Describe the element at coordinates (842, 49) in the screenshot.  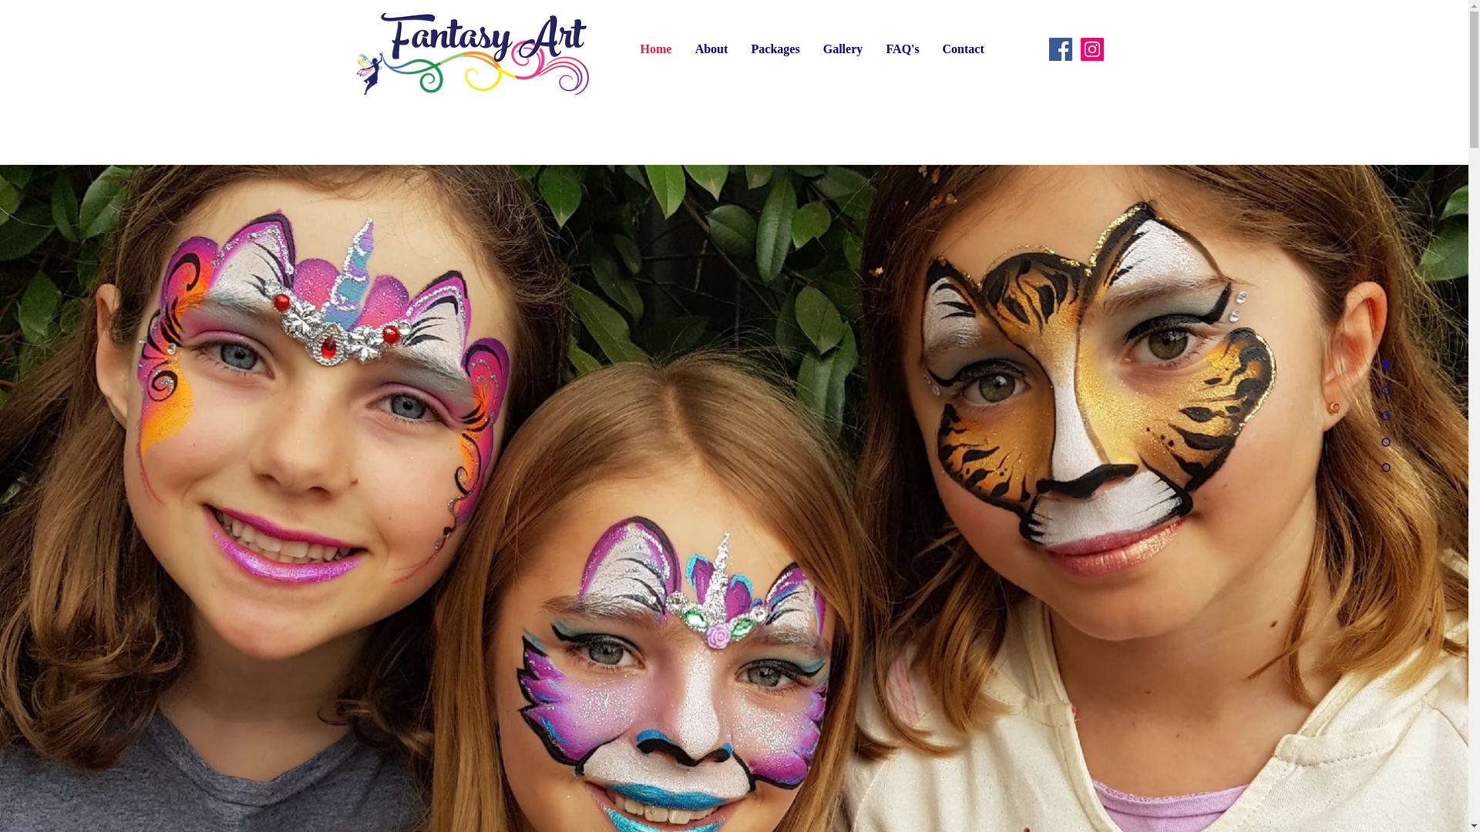
I see `'Gallery'` at that location.